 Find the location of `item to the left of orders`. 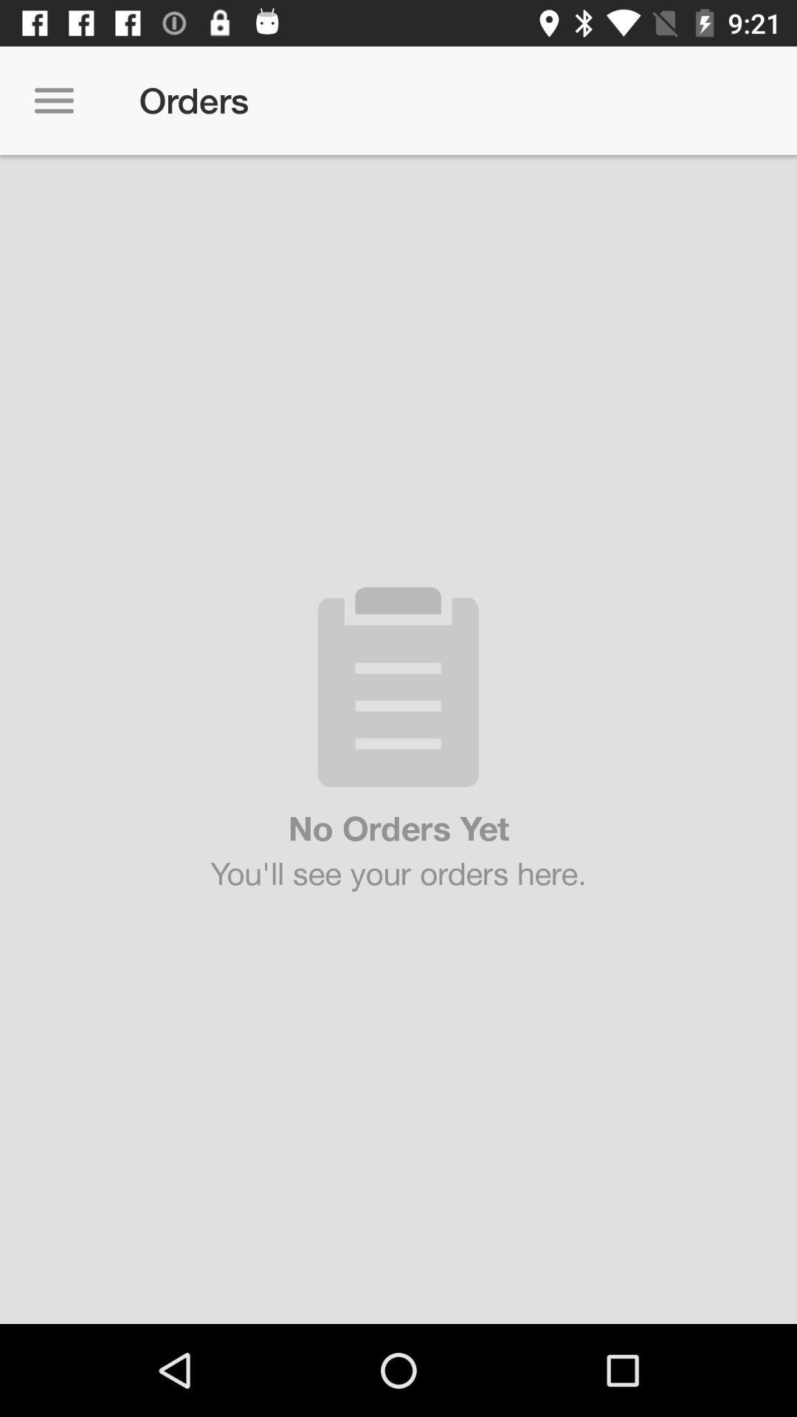

item to the left of orders is located at coordinates (53, 100).